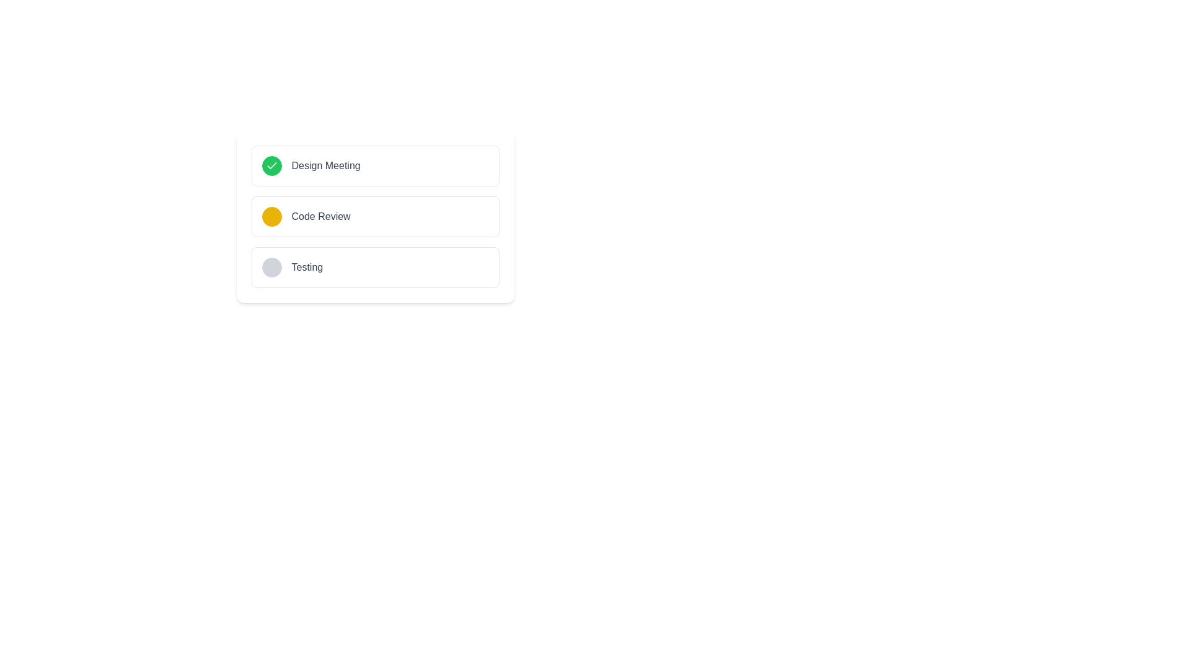 Image resolution: width=1190 pixels, height=669 pixels. Describe the element at coordinates (321, 216) in the screenshot. I see `the text label displaying 'Code Review' in the vertical menu` at that location.